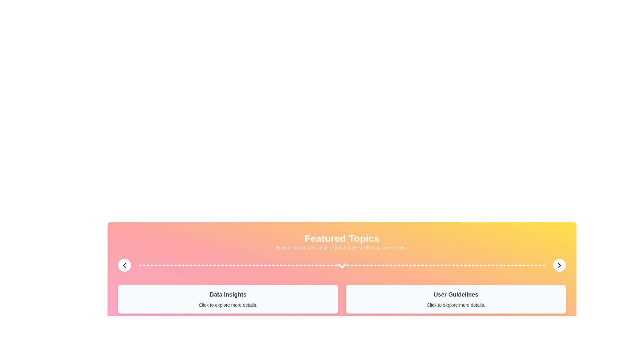 The image size is (626, 352). What do you see at coordinates (342, 265) in the screenshot?
I see `the center icon of the Navigation control located below the 'Featured Topics' title` at bounding box center [342, 265].